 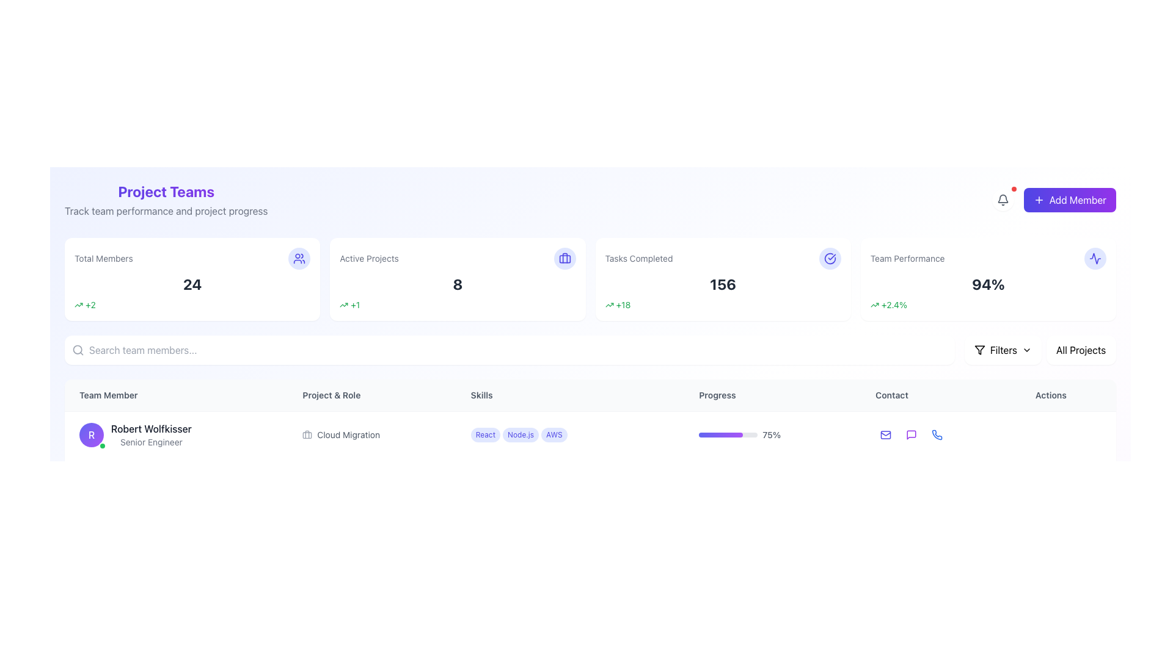 What do you see at coordinates (912, 434) in the screenshot?
I see `the communication icon located near the 'Contact' section of the UI` at bounding box center [912, 434].